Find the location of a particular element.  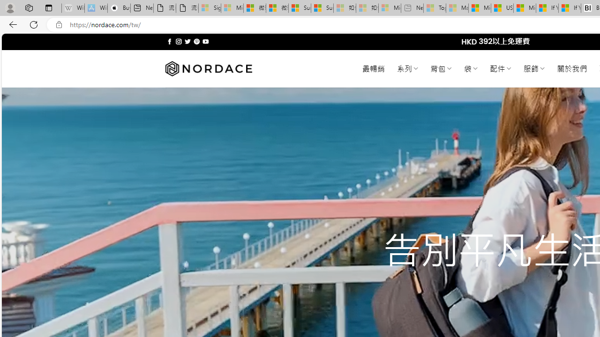

'Marine life - MSN - Sleeping' is located at coordinates (457, 8).